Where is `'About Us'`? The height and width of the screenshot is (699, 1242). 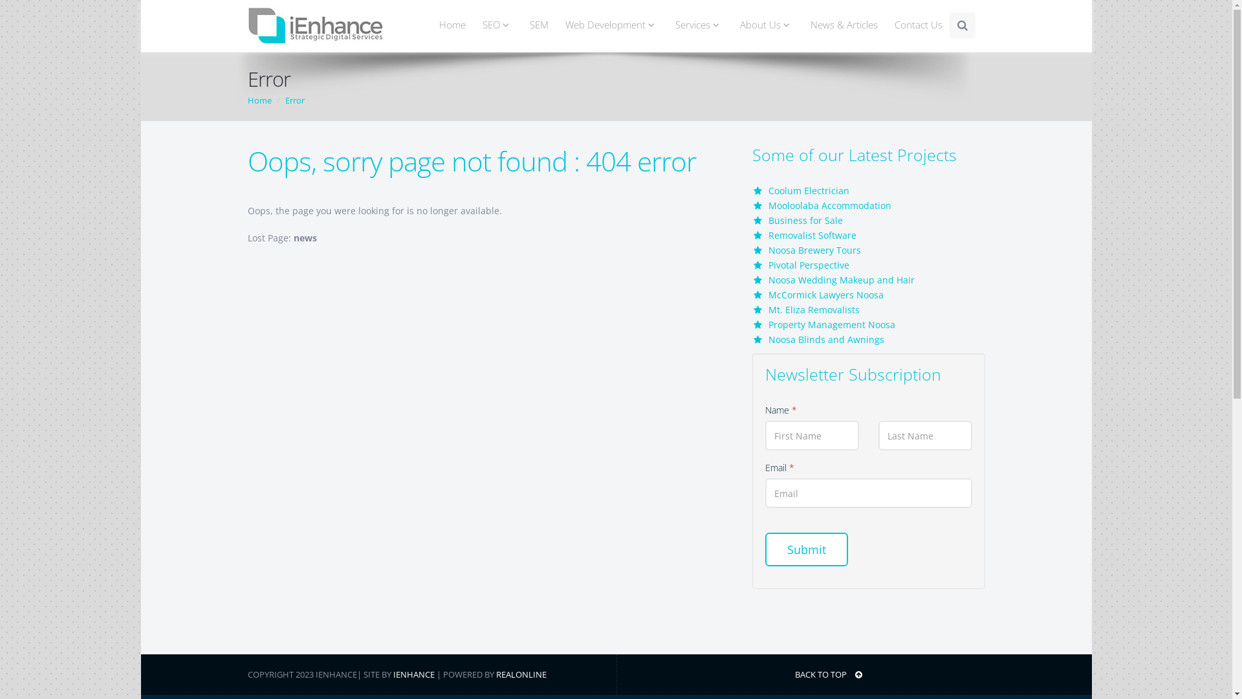
'About Us' is located at coordinates (730, 25).